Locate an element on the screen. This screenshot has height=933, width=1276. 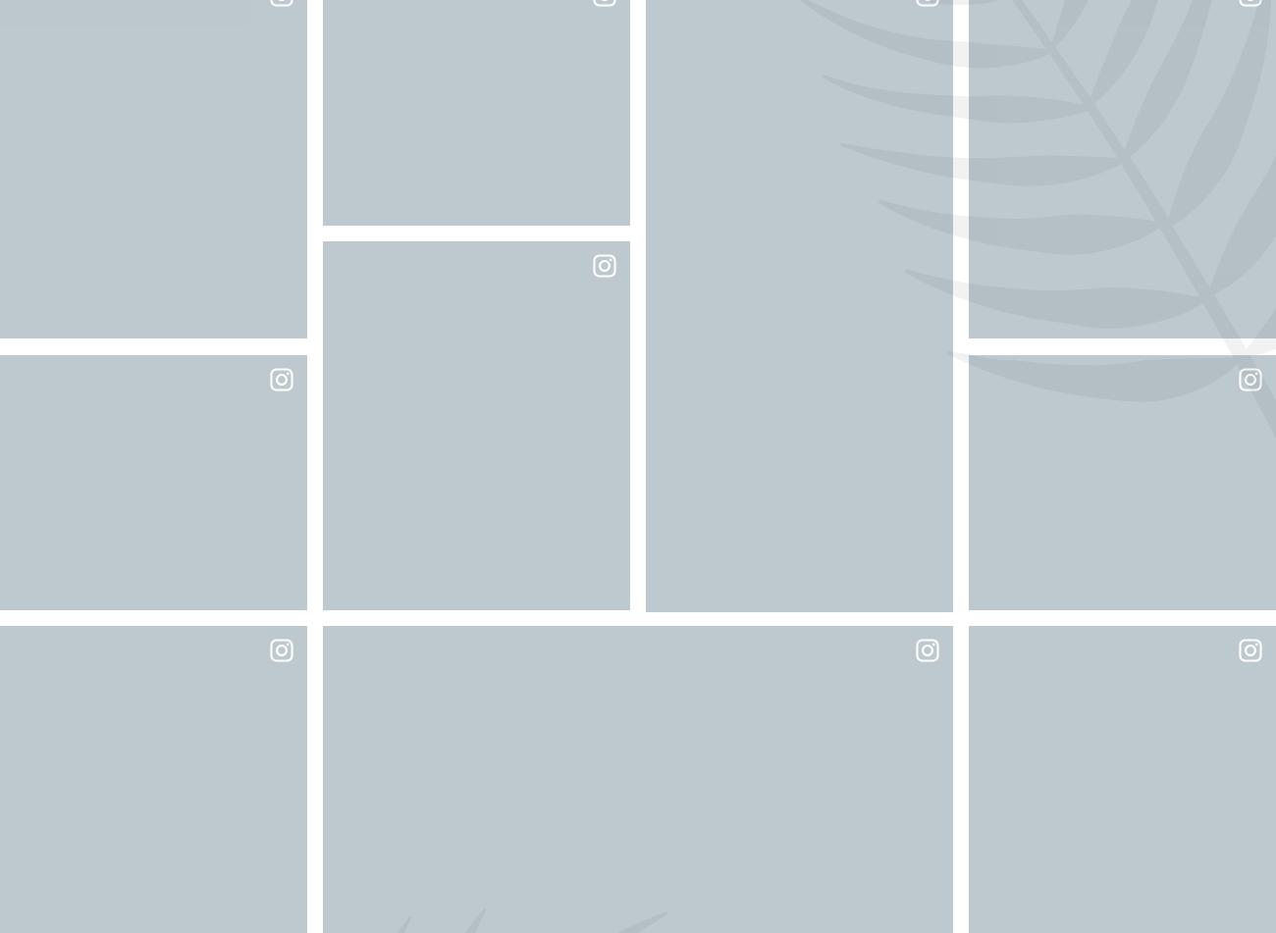
'👭 Grab your favorite person and escape to the American Riviera! Our oceanfront hotel is the perfect base to explore eve...' is located at coordinates (474, 124).